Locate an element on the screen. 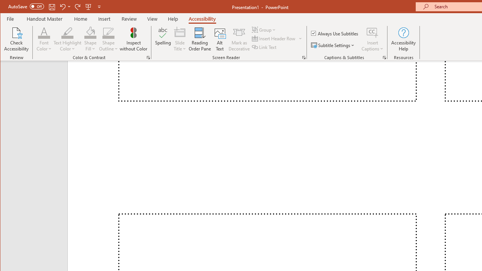 This screenshot has width=482, height=271. 'Home' is located at coordinates (81, 18).